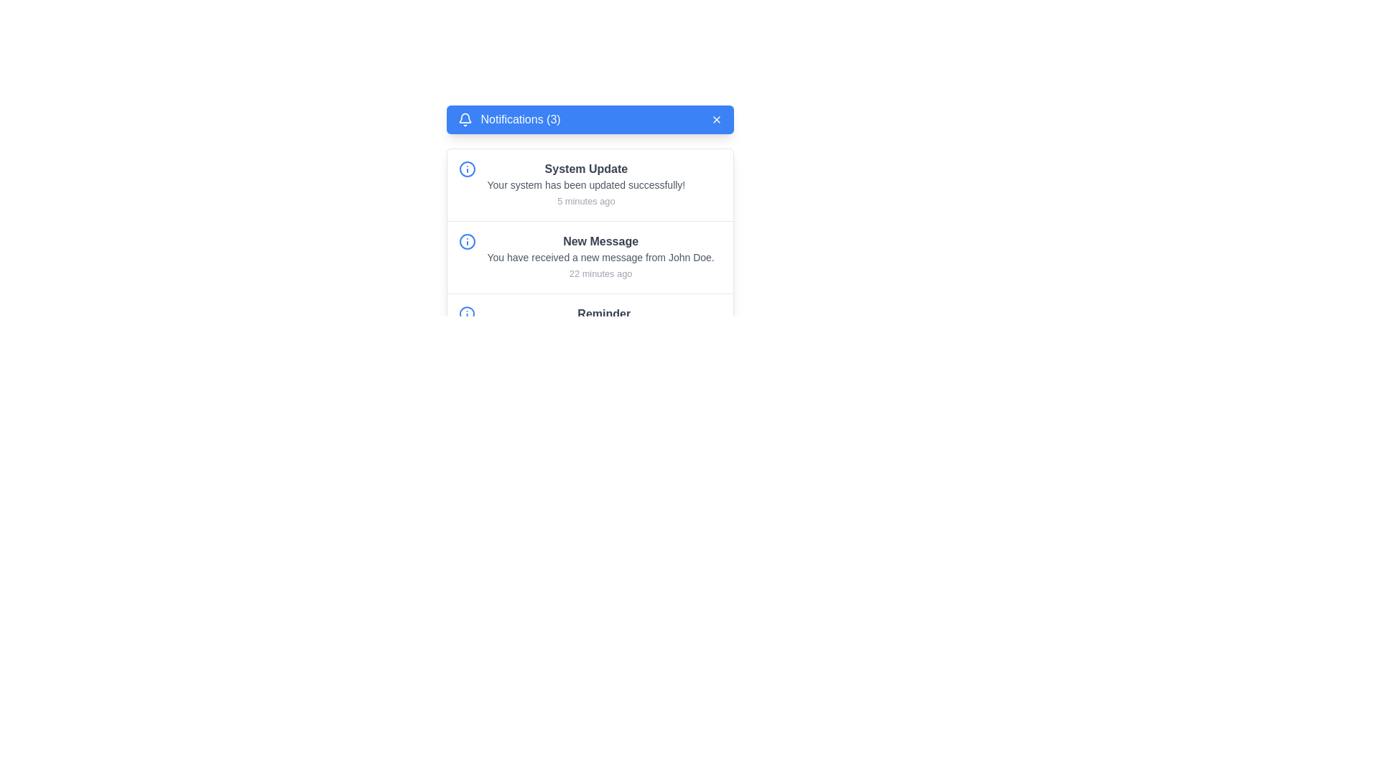  Describe the element at coordinates (590, 118) in the screenshot. I see `the rectangular button with rounded corners that has a blue background and displays 'Notifications (3)'` at that location.